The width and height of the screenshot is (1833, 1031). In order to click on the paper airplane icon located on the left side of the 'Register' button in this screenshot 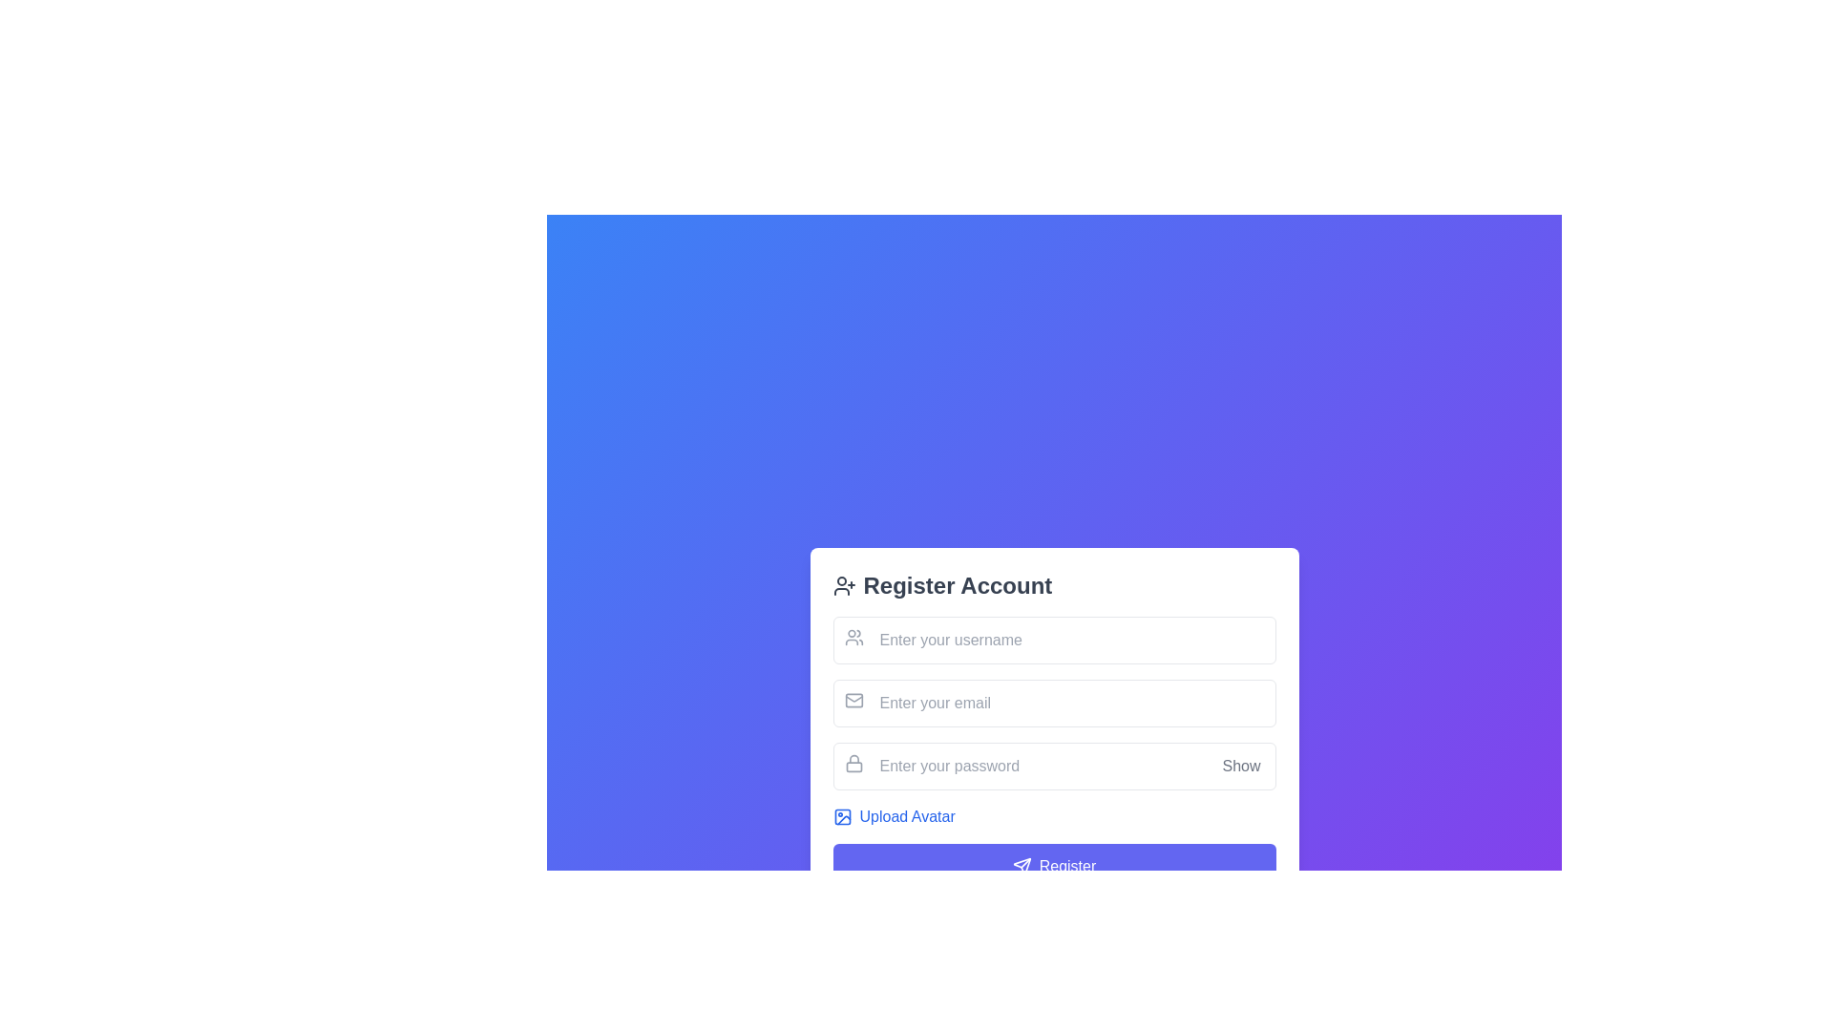, I will do `click(1021, 866)`.